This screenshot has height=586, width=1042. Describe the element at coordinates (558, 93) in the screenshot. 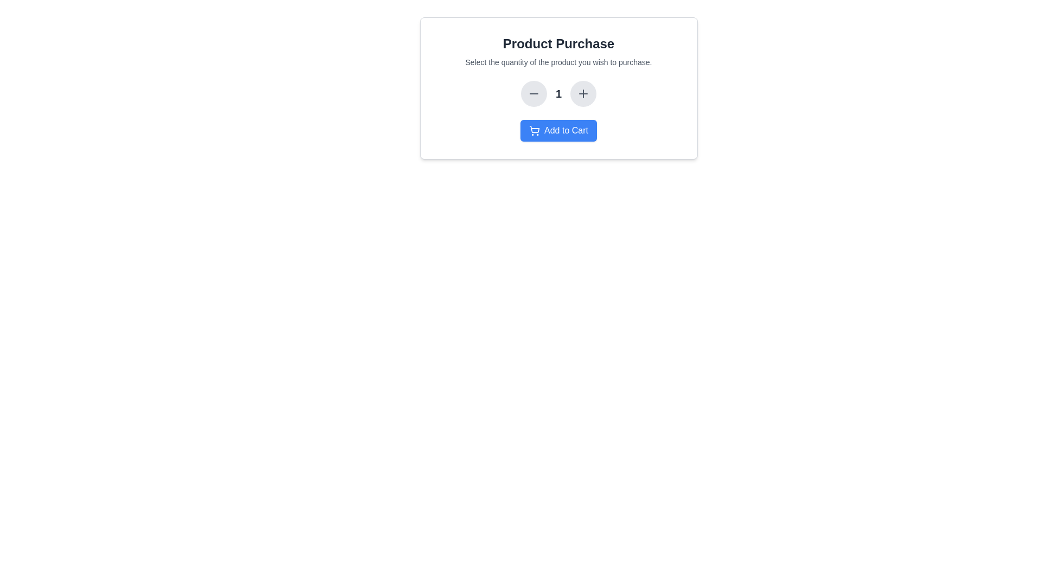

I see `the text display that shows the current numeric value of the selected product quantity, positioned between the decrement and increment buttons` at that location.